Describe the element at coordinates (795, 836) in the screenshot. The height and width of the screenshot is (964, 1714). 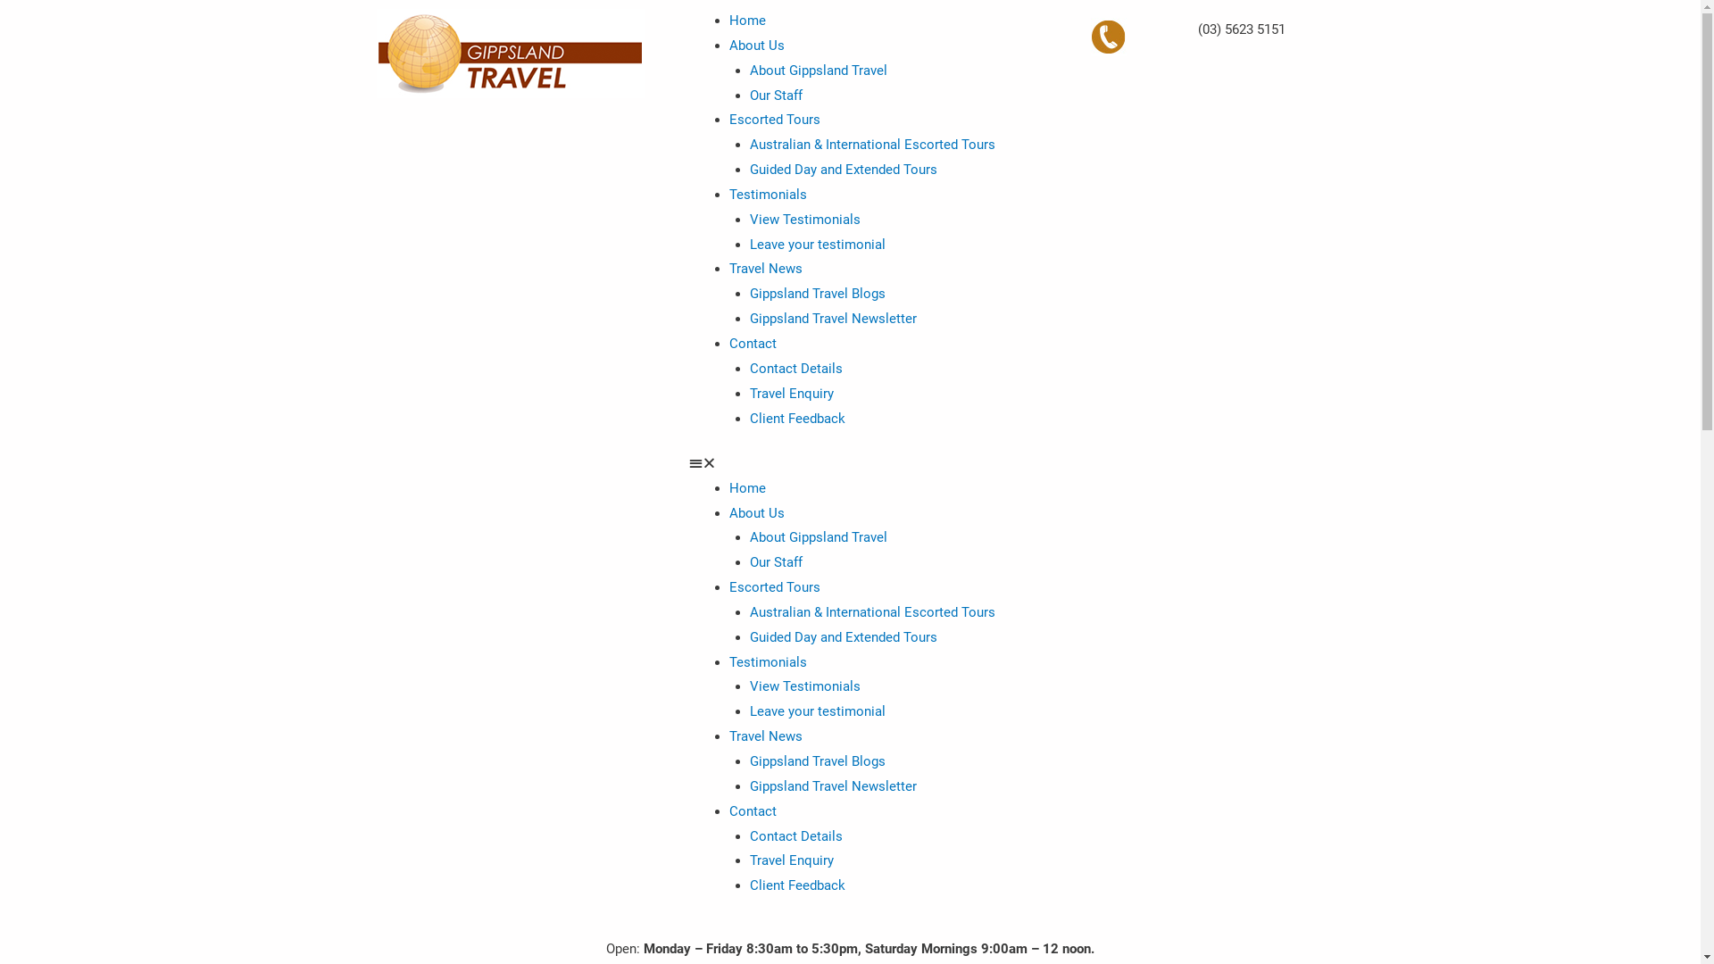
I see `'Contact Details'` at that location.